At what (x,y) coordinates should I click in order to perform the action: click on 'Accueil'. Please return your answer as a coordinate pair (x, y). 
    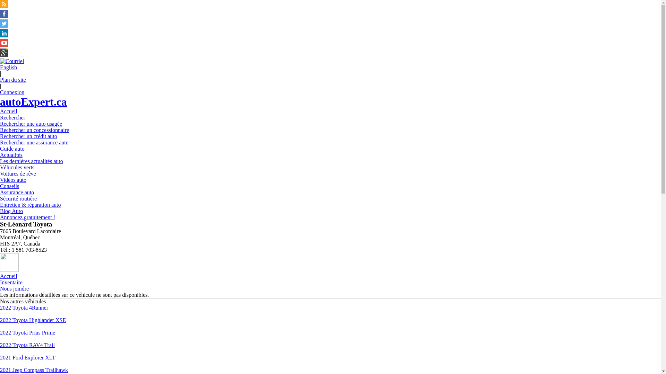
    Looking at the image, I should click on (8, 111).